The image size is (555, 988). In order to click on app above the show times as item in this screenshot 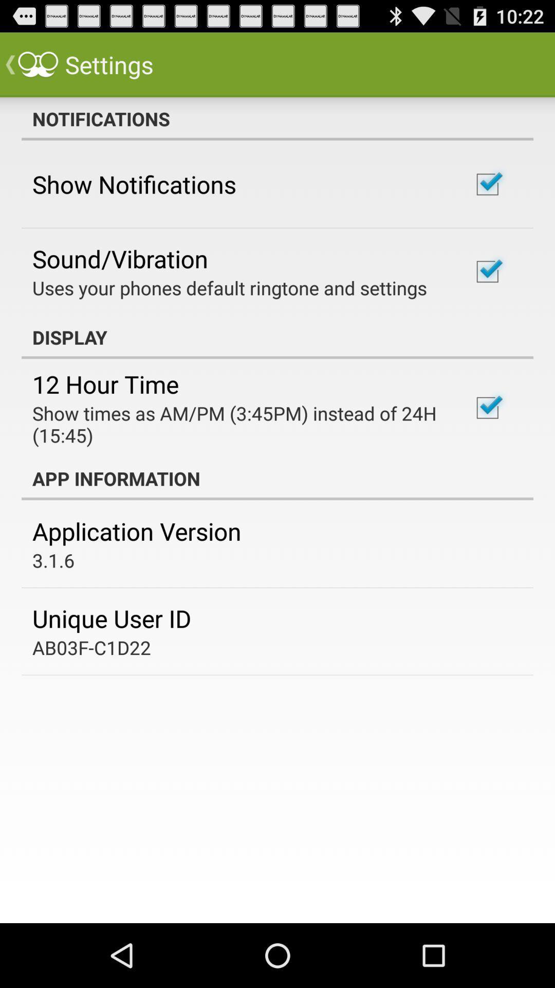, I will do `click(105, 383)`.